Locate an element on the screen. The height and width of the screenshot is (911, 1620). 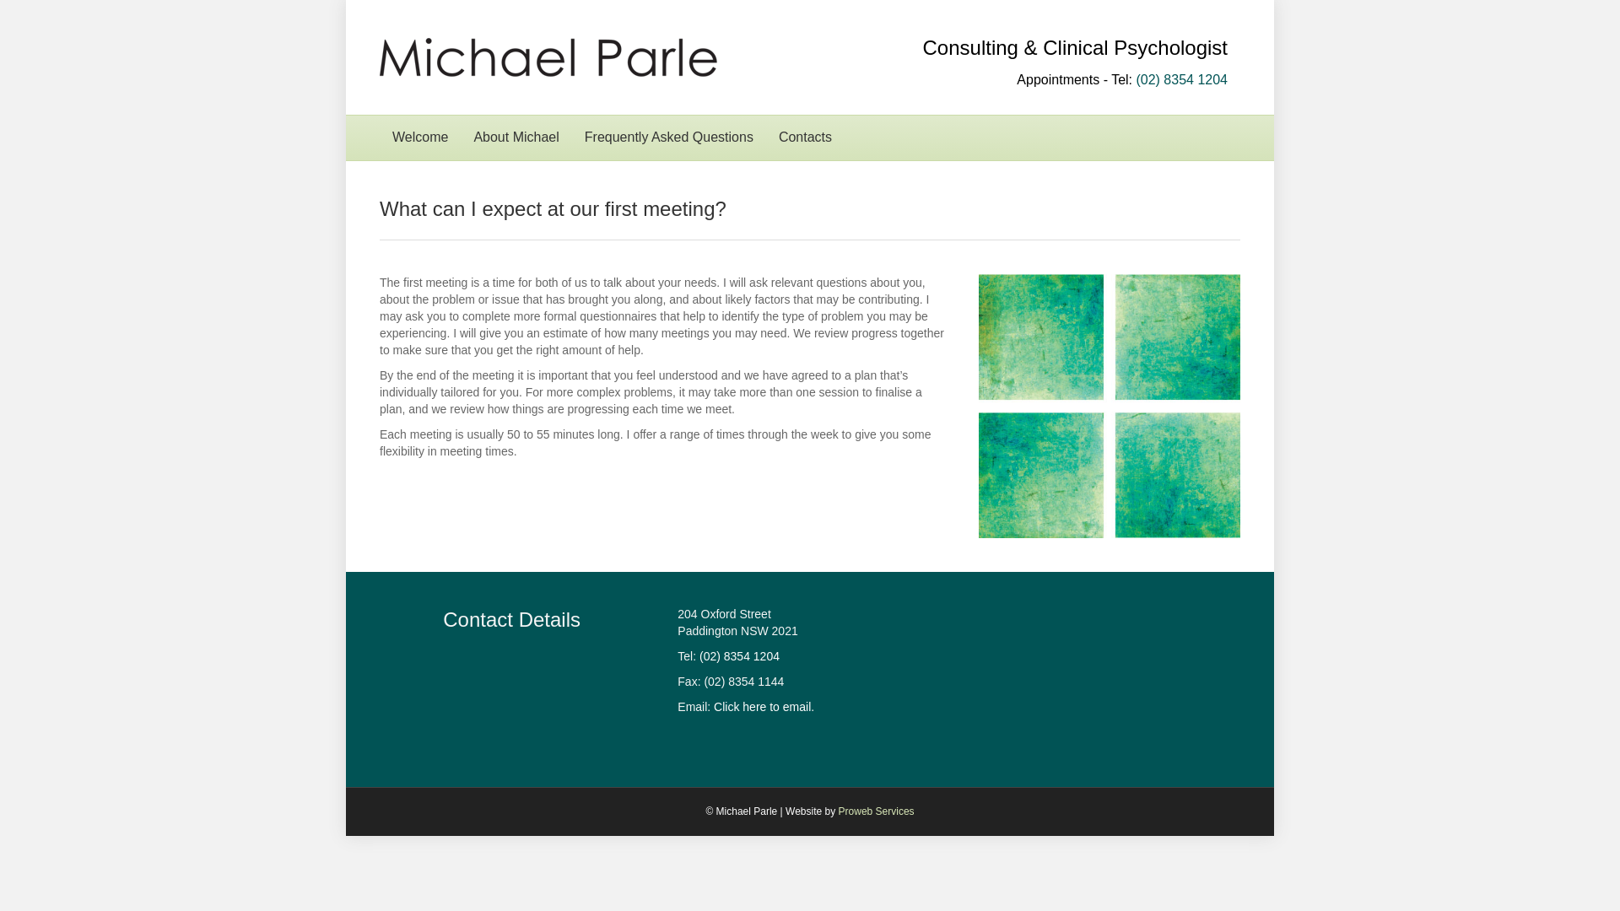
'Click here to email' is located at coordinates (761, 706).